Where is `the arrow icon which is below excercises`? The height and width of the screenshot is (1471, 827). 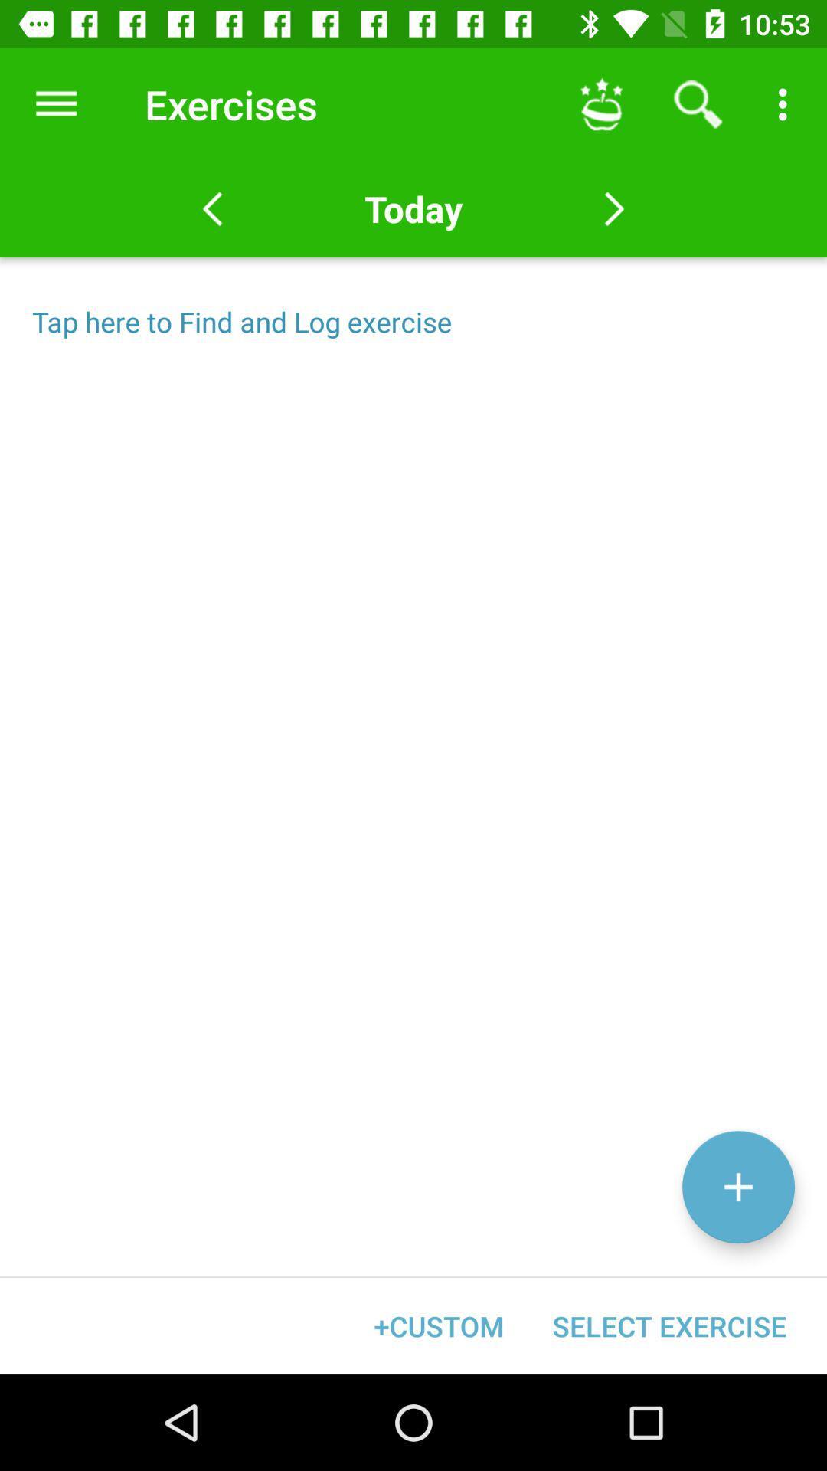 the arrow icon which is below excercises is located at coordinates (212, 208).